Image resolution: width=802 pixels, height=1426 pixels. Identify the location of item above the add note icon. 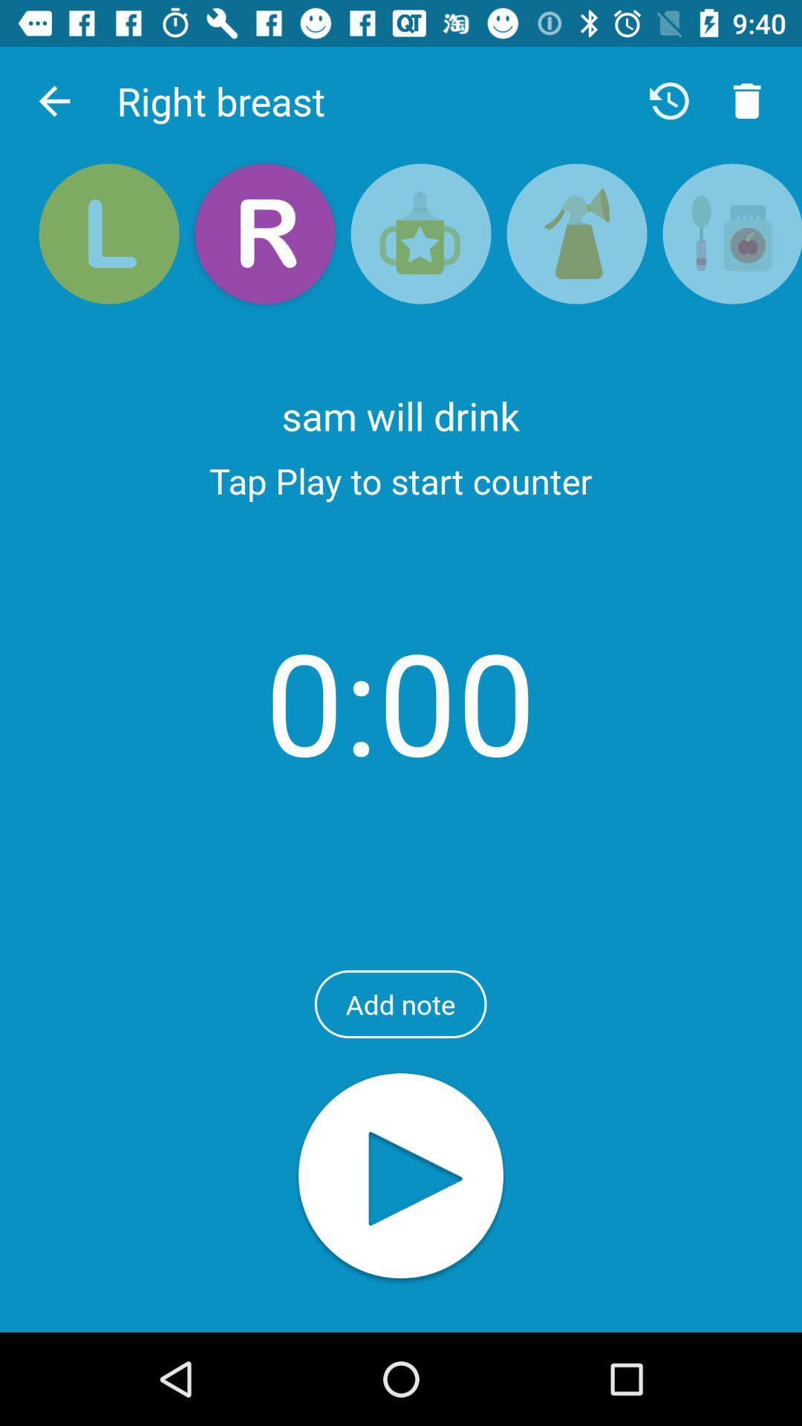
(400, 700).